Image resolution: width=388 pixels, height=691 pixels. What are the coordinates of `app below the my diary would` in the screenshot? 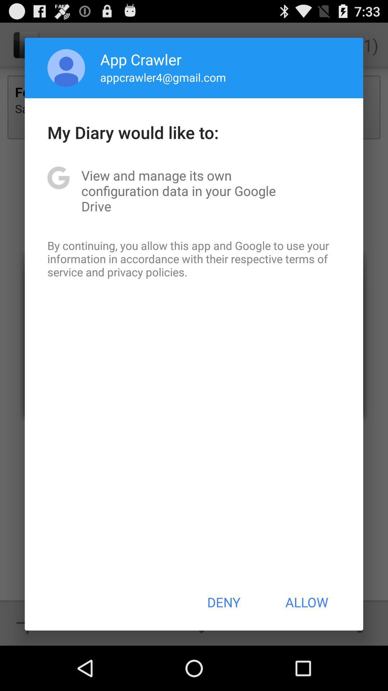 It's located at (194, 191).